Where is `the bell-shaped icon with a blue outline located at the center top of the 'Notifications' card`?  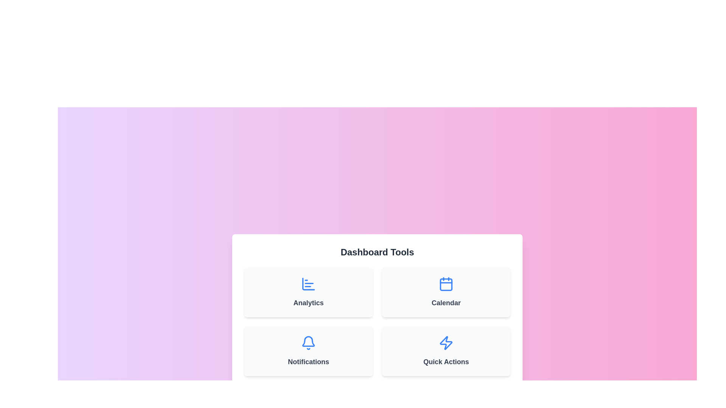 the bell-shaped icon with a blue outline located at the center top of the 'Notifications' card is located at coordinates (309, 343).